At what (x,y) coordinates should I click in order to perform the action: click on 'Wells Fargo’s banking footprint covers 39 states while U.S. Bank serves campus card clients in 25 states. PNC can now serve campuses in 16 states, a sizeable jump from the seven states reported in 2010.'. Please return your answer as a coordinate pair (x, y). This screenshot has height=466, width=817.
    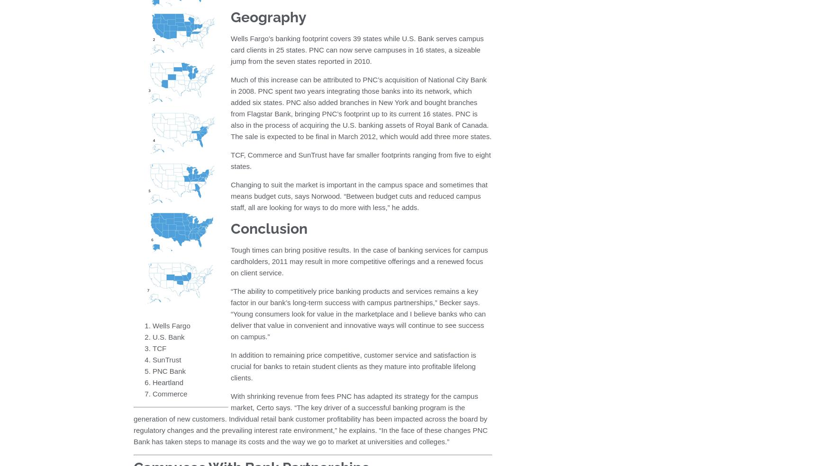
    Looking at the image, I should click on (357, 50).